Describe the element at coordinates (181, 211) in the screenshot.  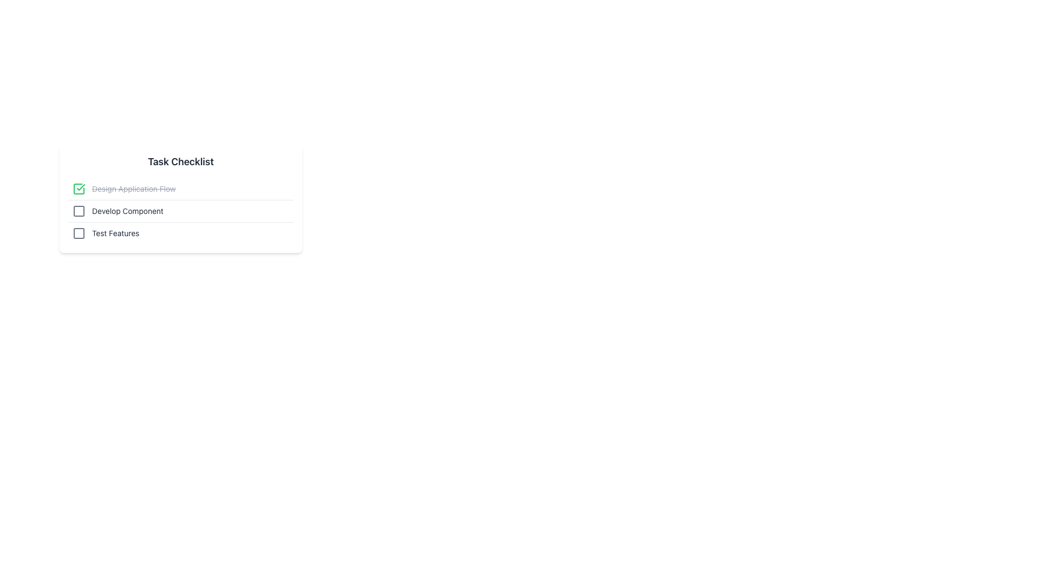
I see `the checkbox of the second checklist item labeled 'Develop Component'` at that location.